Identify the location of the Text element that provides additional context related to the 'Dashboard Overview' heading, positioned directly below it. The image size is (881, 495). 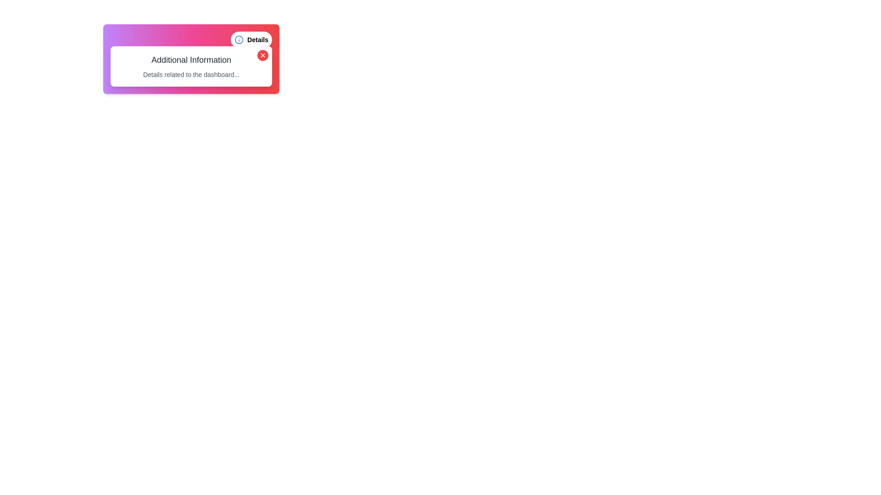
(191, 81).